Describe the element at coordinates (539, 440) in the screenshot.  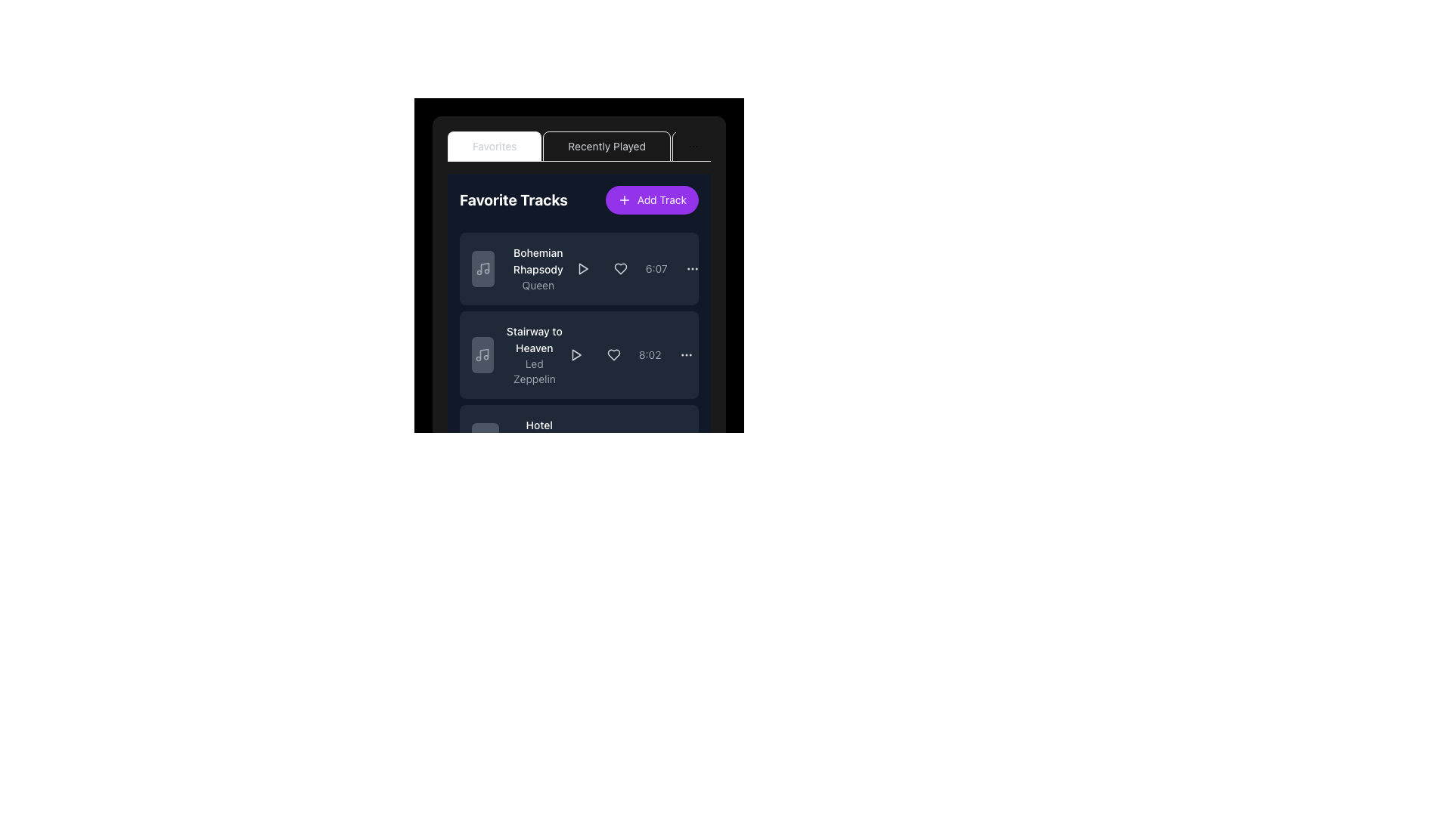
I see `the song entry text block titled 'Hotel California' by 'Eagles'` at that location.